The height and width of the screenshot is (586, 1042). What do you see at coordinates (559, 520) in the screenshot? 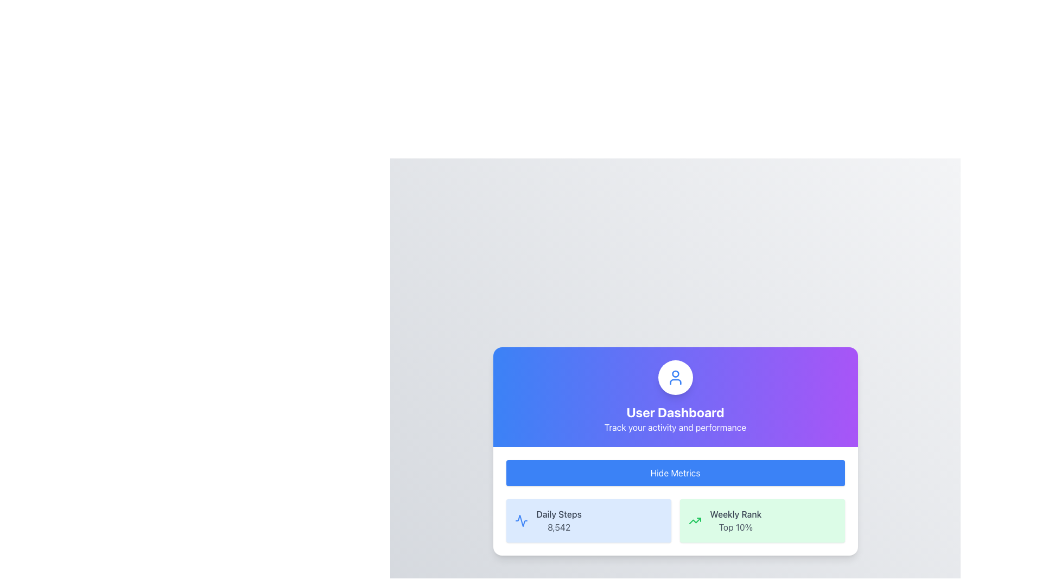
I see `the Text display block that summarizes the user's daily step count, located below the 'Hide Metrics' button and to the left of the 'Weekly Rank' summary box` at bounding box center [559, 520].